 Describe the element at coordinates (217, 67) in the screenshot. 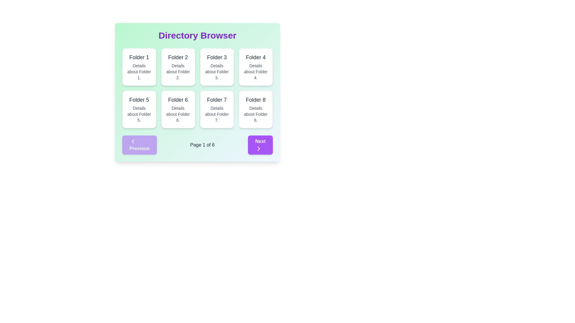

I see `the 'Folder 3' card, which visually represents a folder in a grid layout, located between 'Folder 2' and 'Folder 4'` at that location.